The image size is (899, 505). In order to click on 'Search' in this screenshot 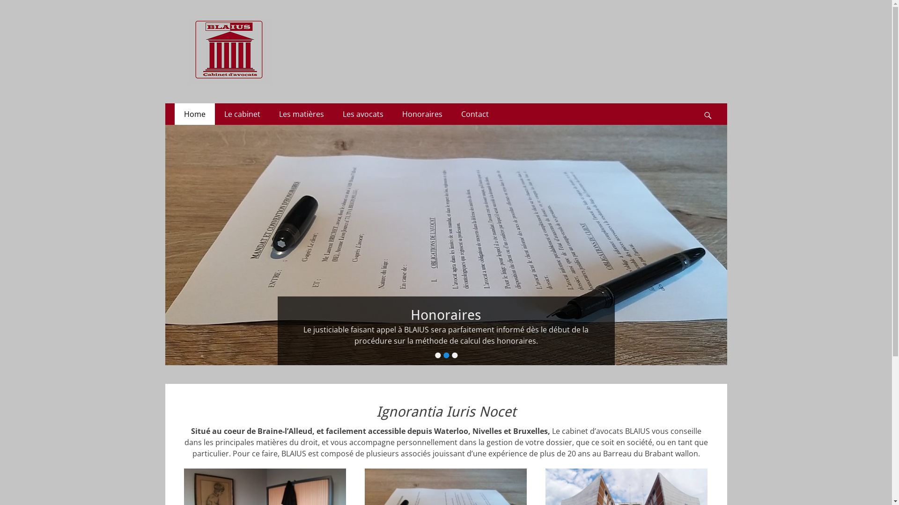, I will do `click(712, 103)`.